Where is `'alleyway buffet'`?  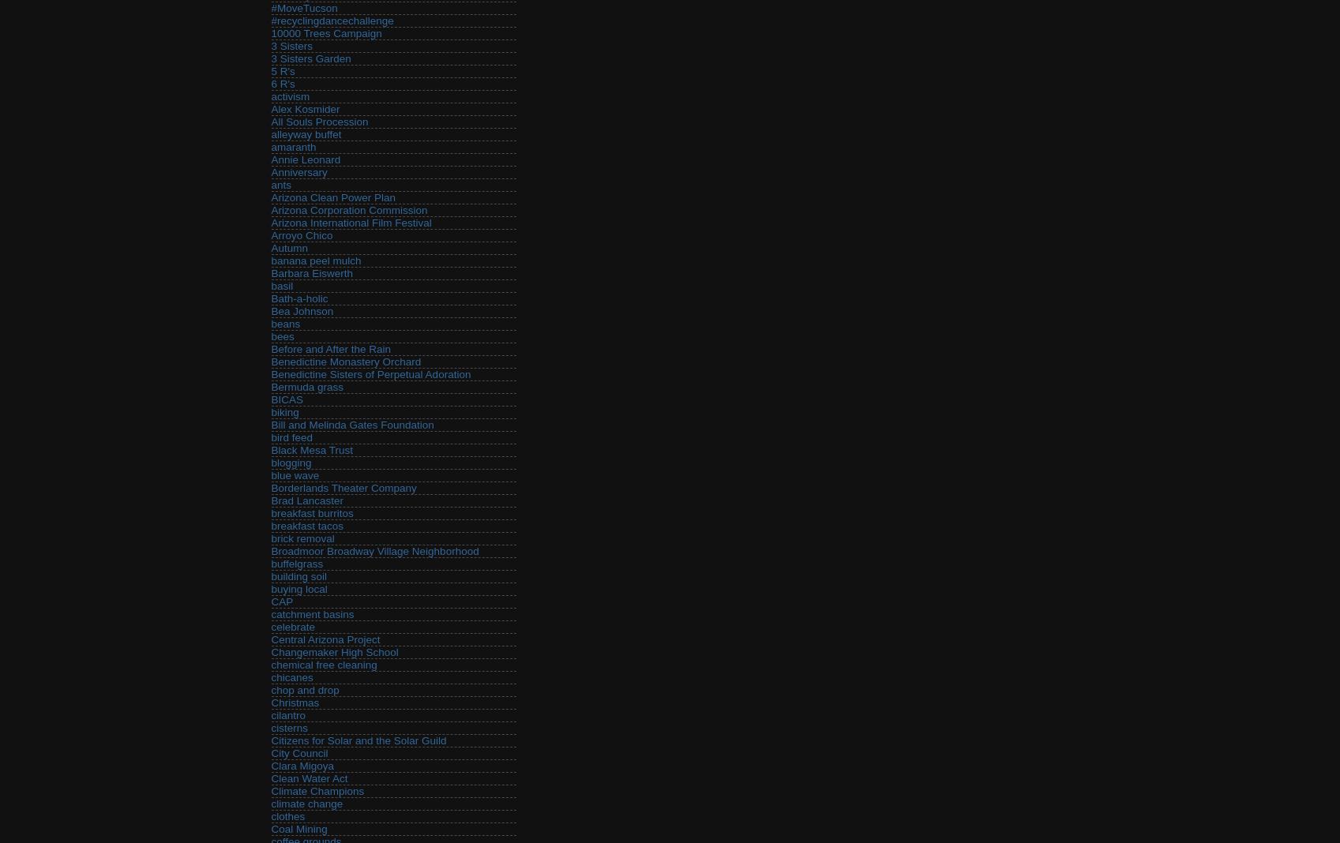
'alleyway buffet' is located at coordinates (305, 134).